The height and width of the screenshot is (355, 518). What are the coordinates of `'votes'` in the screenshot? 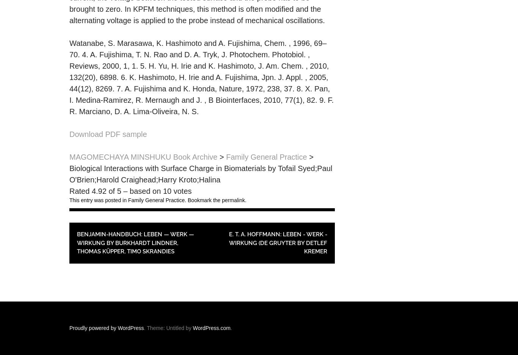 It's located at (181, 191).